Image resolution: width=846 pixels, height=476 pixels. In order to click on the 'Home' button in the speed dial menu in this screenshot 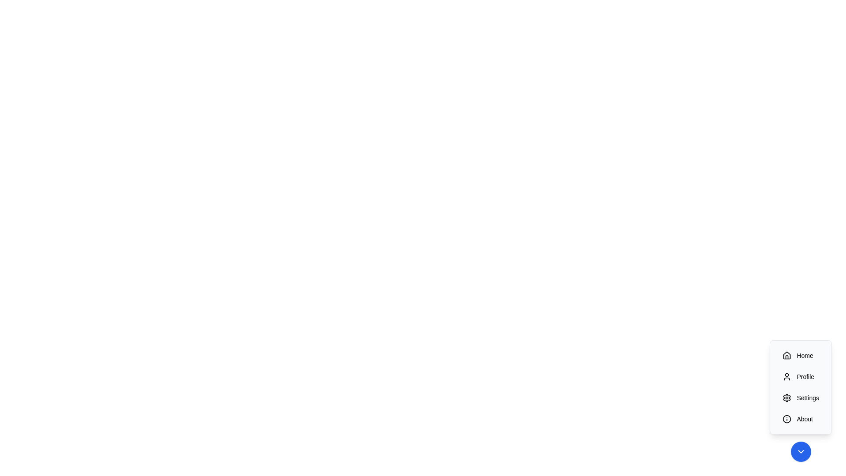, I will do `click(801, 355)`.